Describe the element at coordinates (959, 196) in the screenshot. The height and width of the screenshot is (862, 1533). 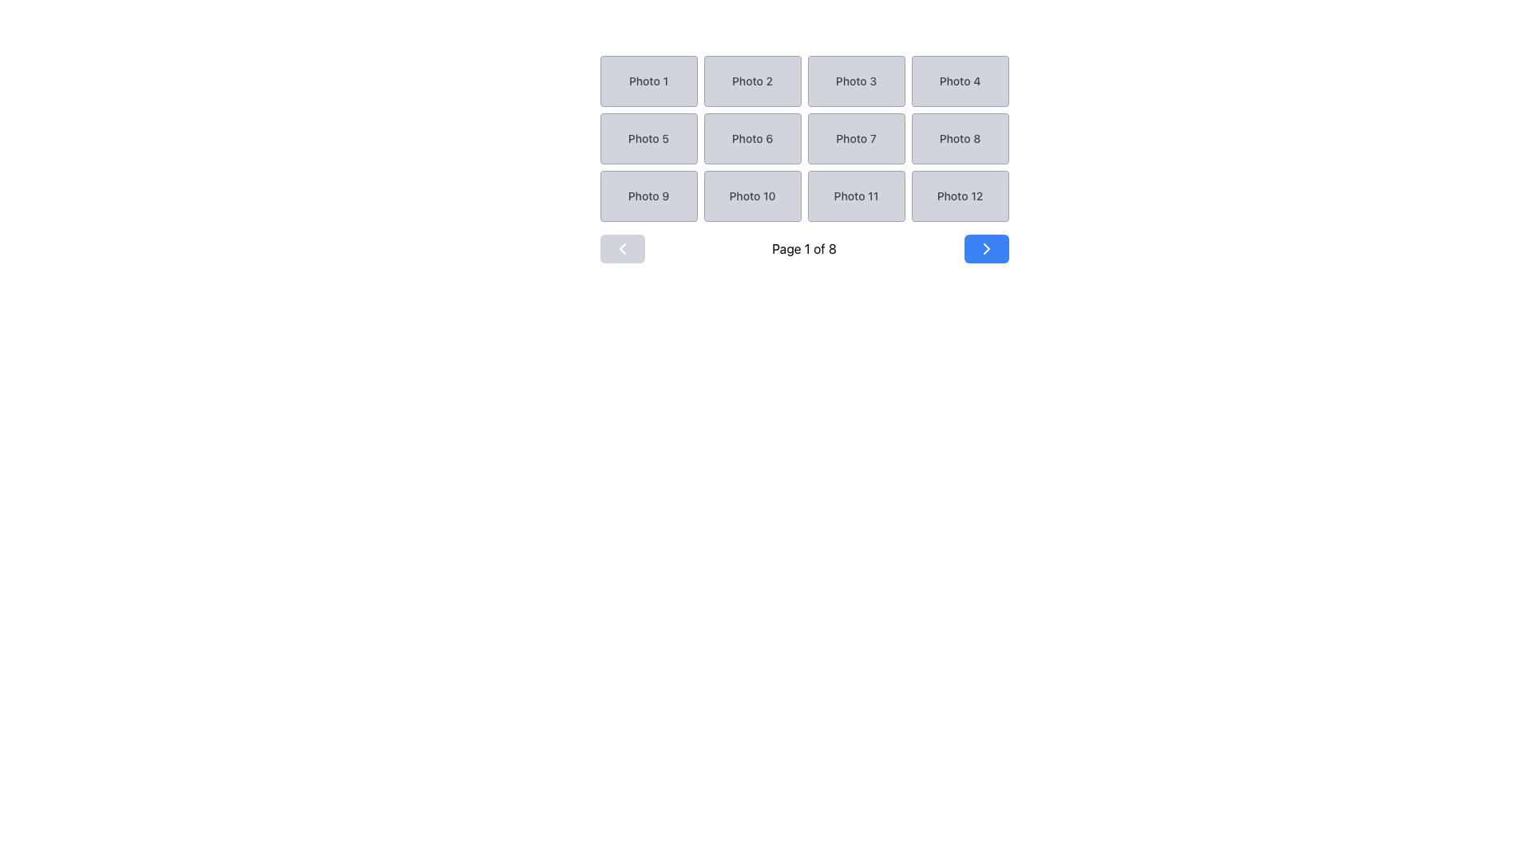
I see `the selectable option button located in the bottom-right corner of the photo grid` at that location.